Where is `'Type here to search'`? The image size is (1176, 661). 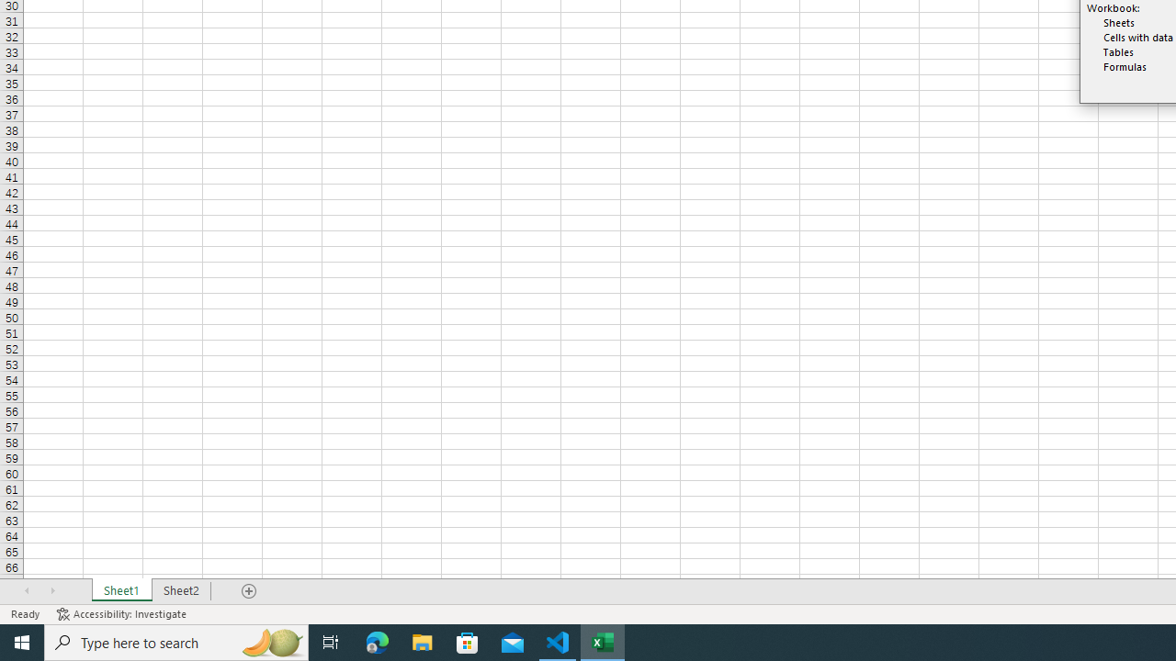 'Type here to search' is located at coordinates (176, 641).